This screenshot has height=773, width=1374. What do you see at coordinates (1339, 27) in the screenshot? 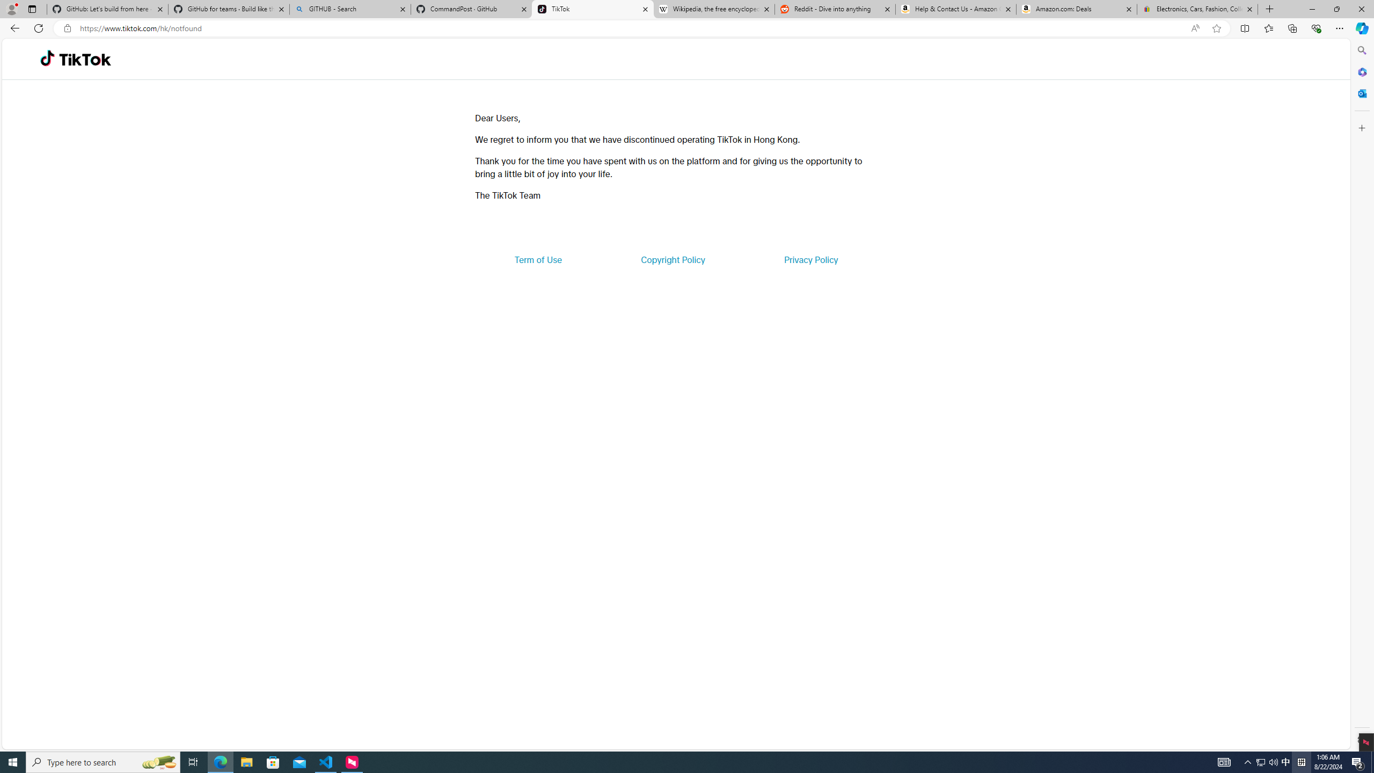
I see `'Settings and more (Alt+F)'` at bounding box center [1339, 27].